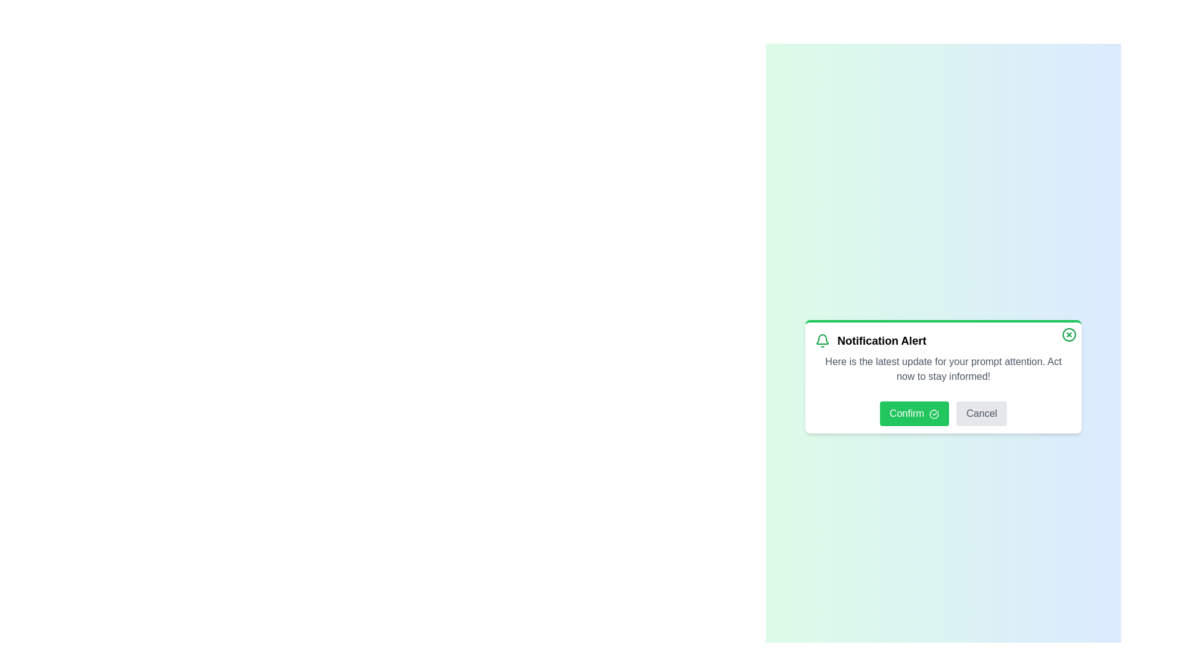 The image size is (1184, 666). Describe the element at coordinates (981, 414) in the screenshot. I see `the Cancel button to dismiss the notification panel` at that location.